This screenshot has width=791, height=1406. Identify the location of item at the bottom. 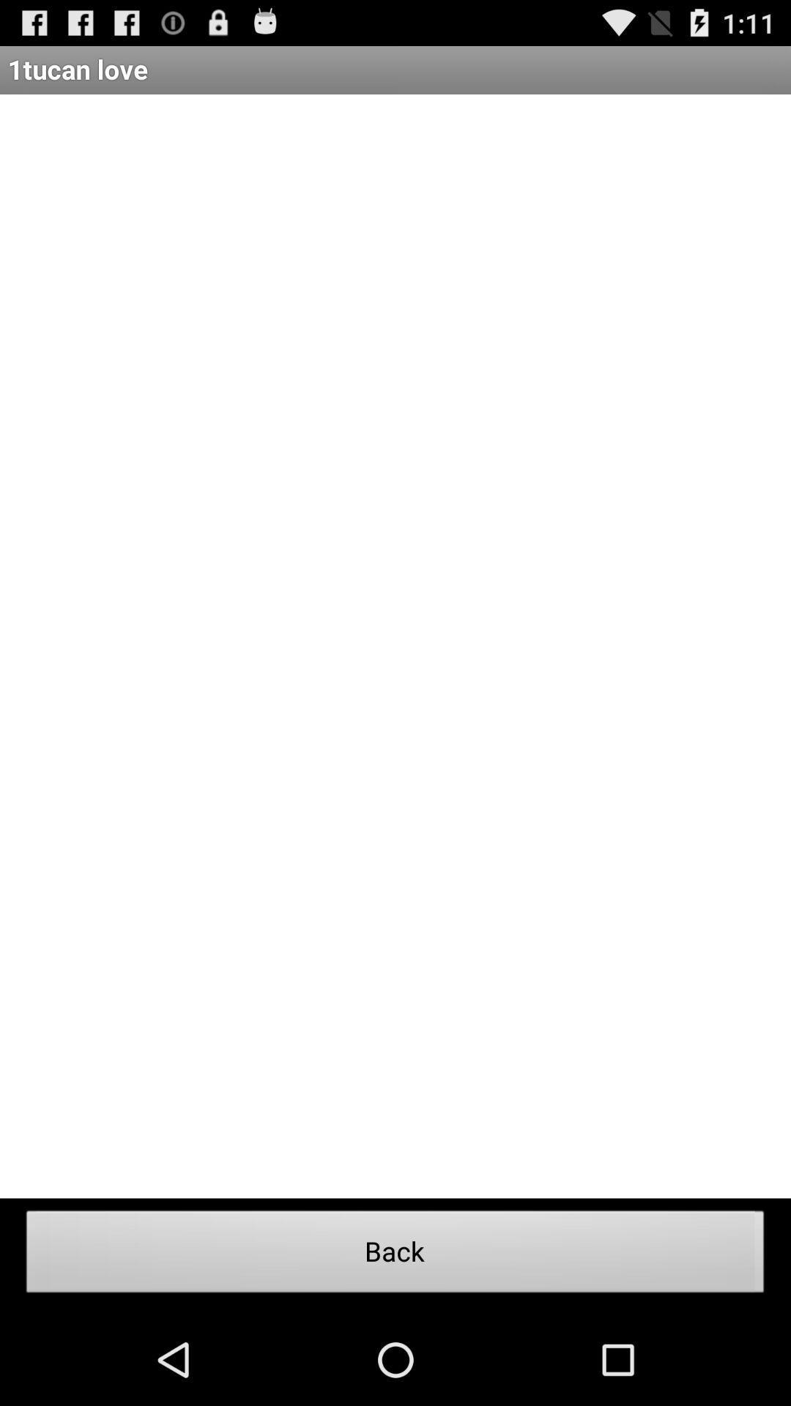
(395, 1255).